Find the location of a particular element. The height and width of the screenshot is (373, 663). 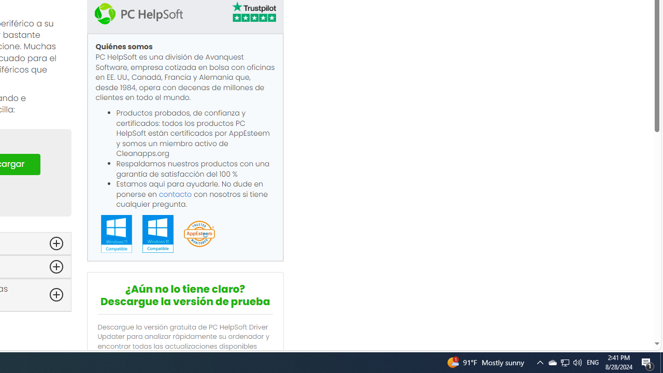

'contacto' is located at coordinates (175, 194).